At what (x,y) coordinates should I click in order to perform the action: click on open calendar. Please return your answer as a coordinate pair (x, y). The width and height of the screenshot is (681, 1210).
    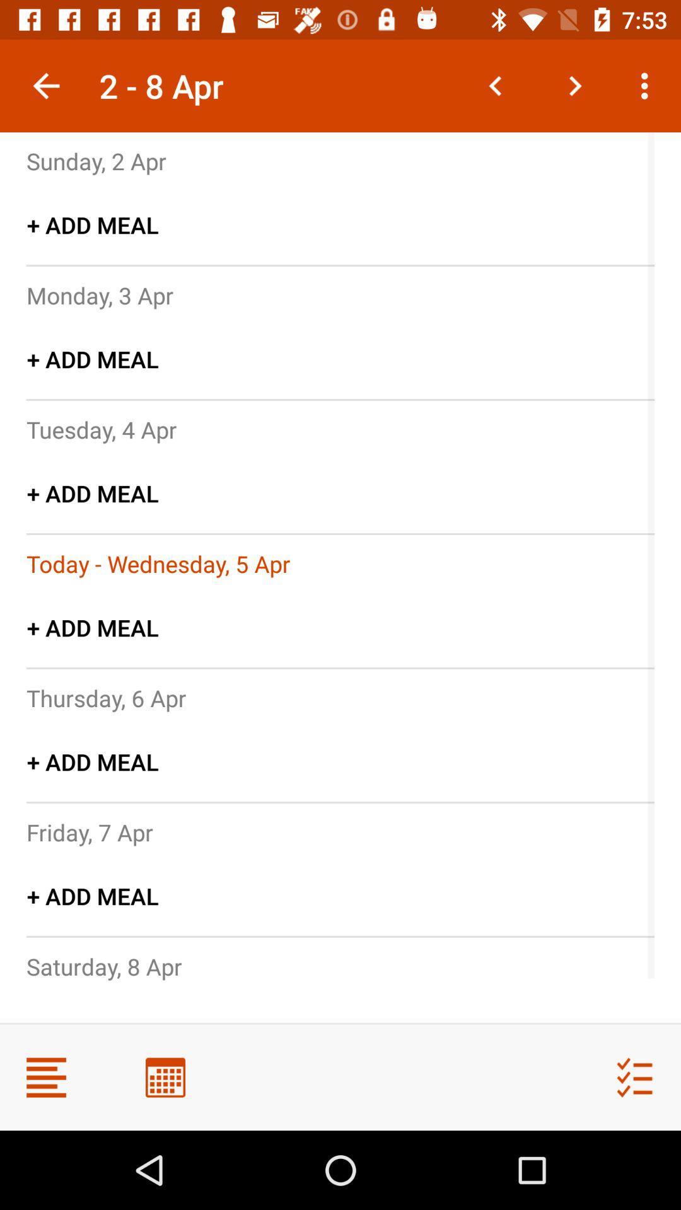
    Looking at the image, I should click on (165, 1076).